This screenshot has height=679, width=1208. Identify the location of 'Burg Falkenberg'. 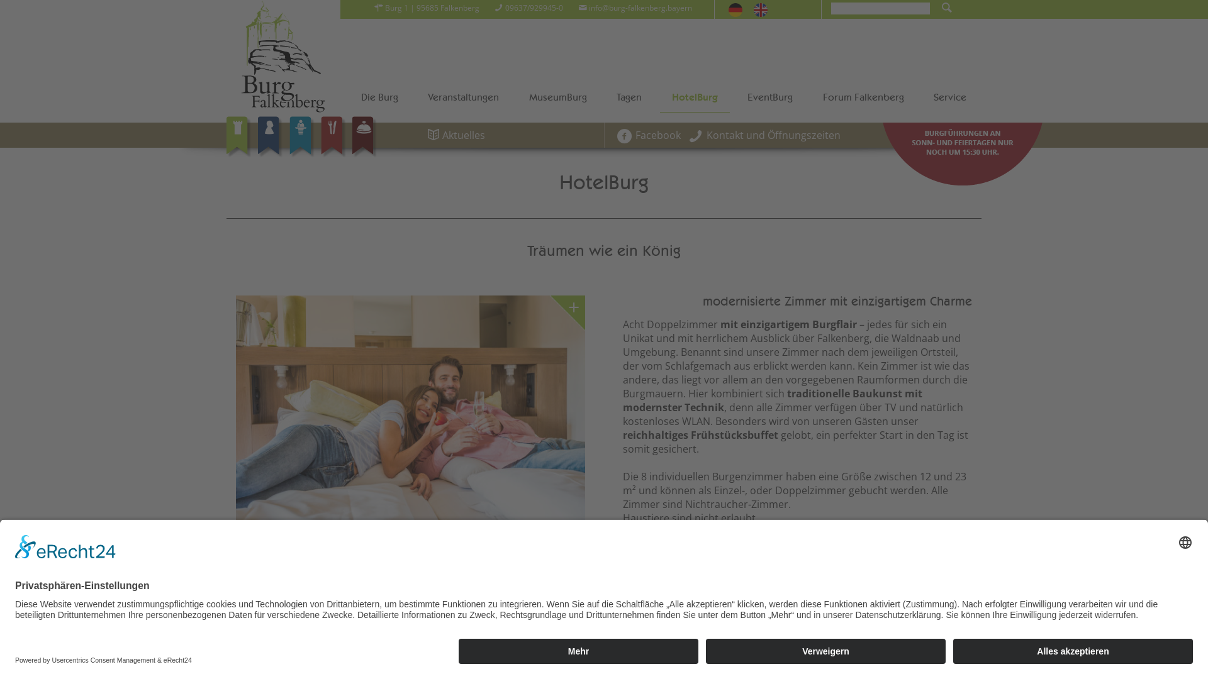
(282, 55).